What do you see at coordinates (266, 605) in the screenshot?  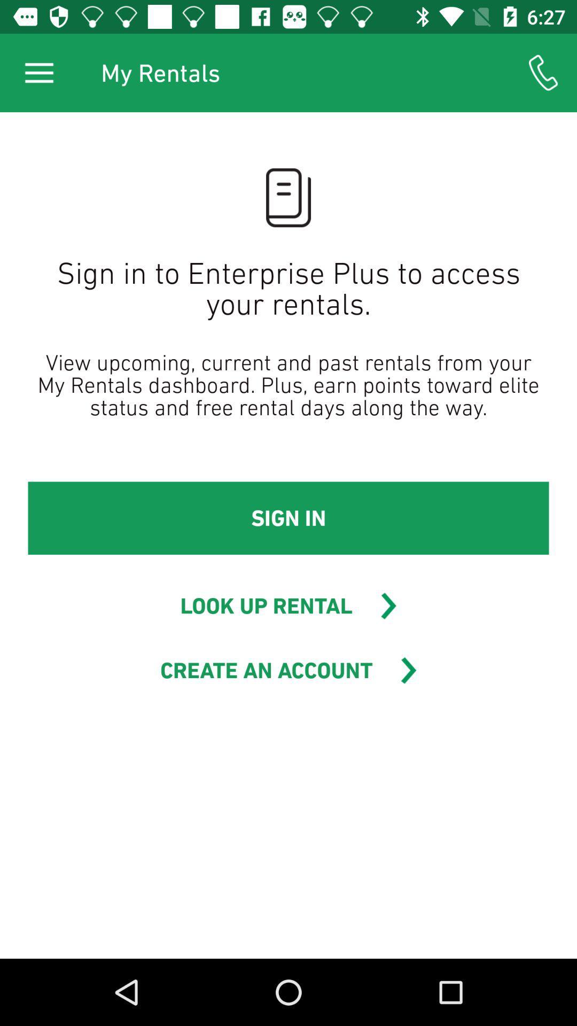 I see `item above the create an account icon` at bounding box center [266, 605].